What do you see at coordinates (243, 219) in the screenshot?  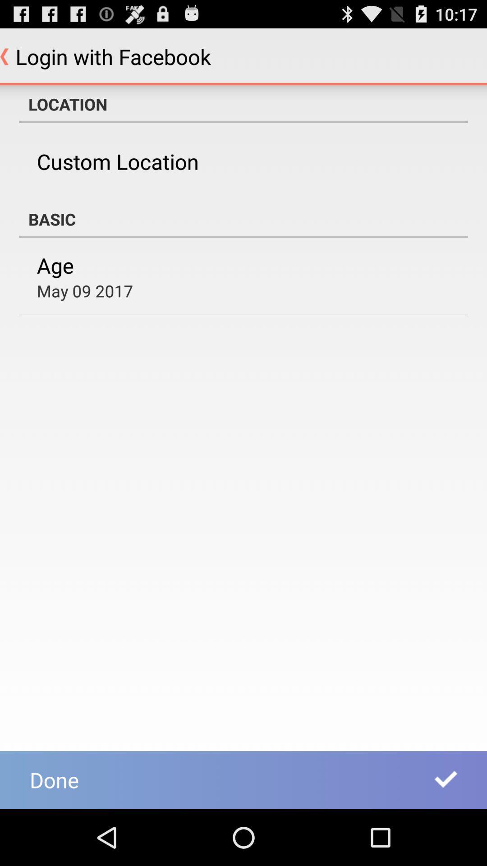 I see `the basic item` at bounding box center [243, 219].